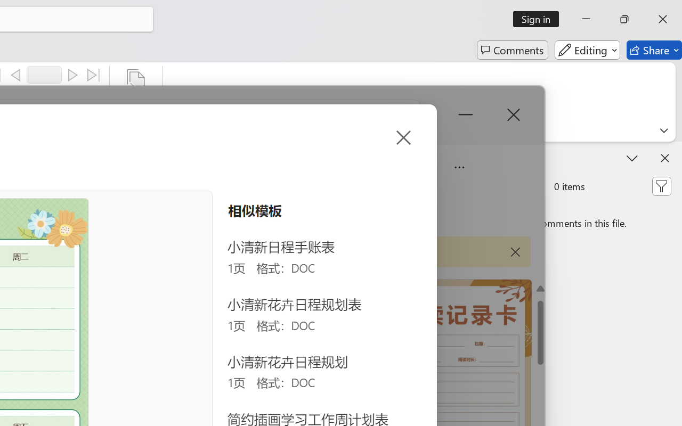  I want to click on 'Previous', so click(15, 75).